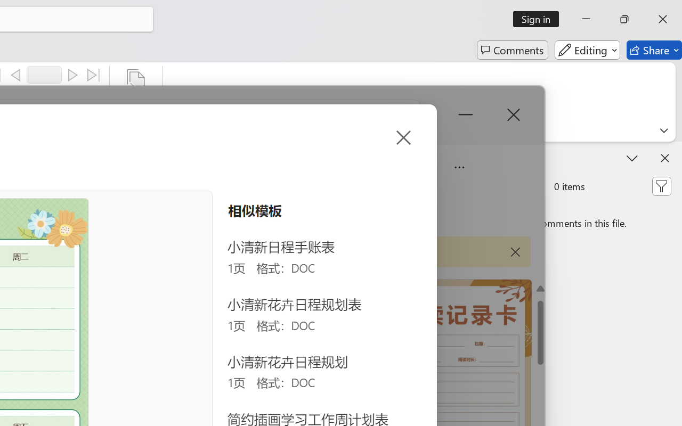  I want to click on 'Previous', so click(15, 75).